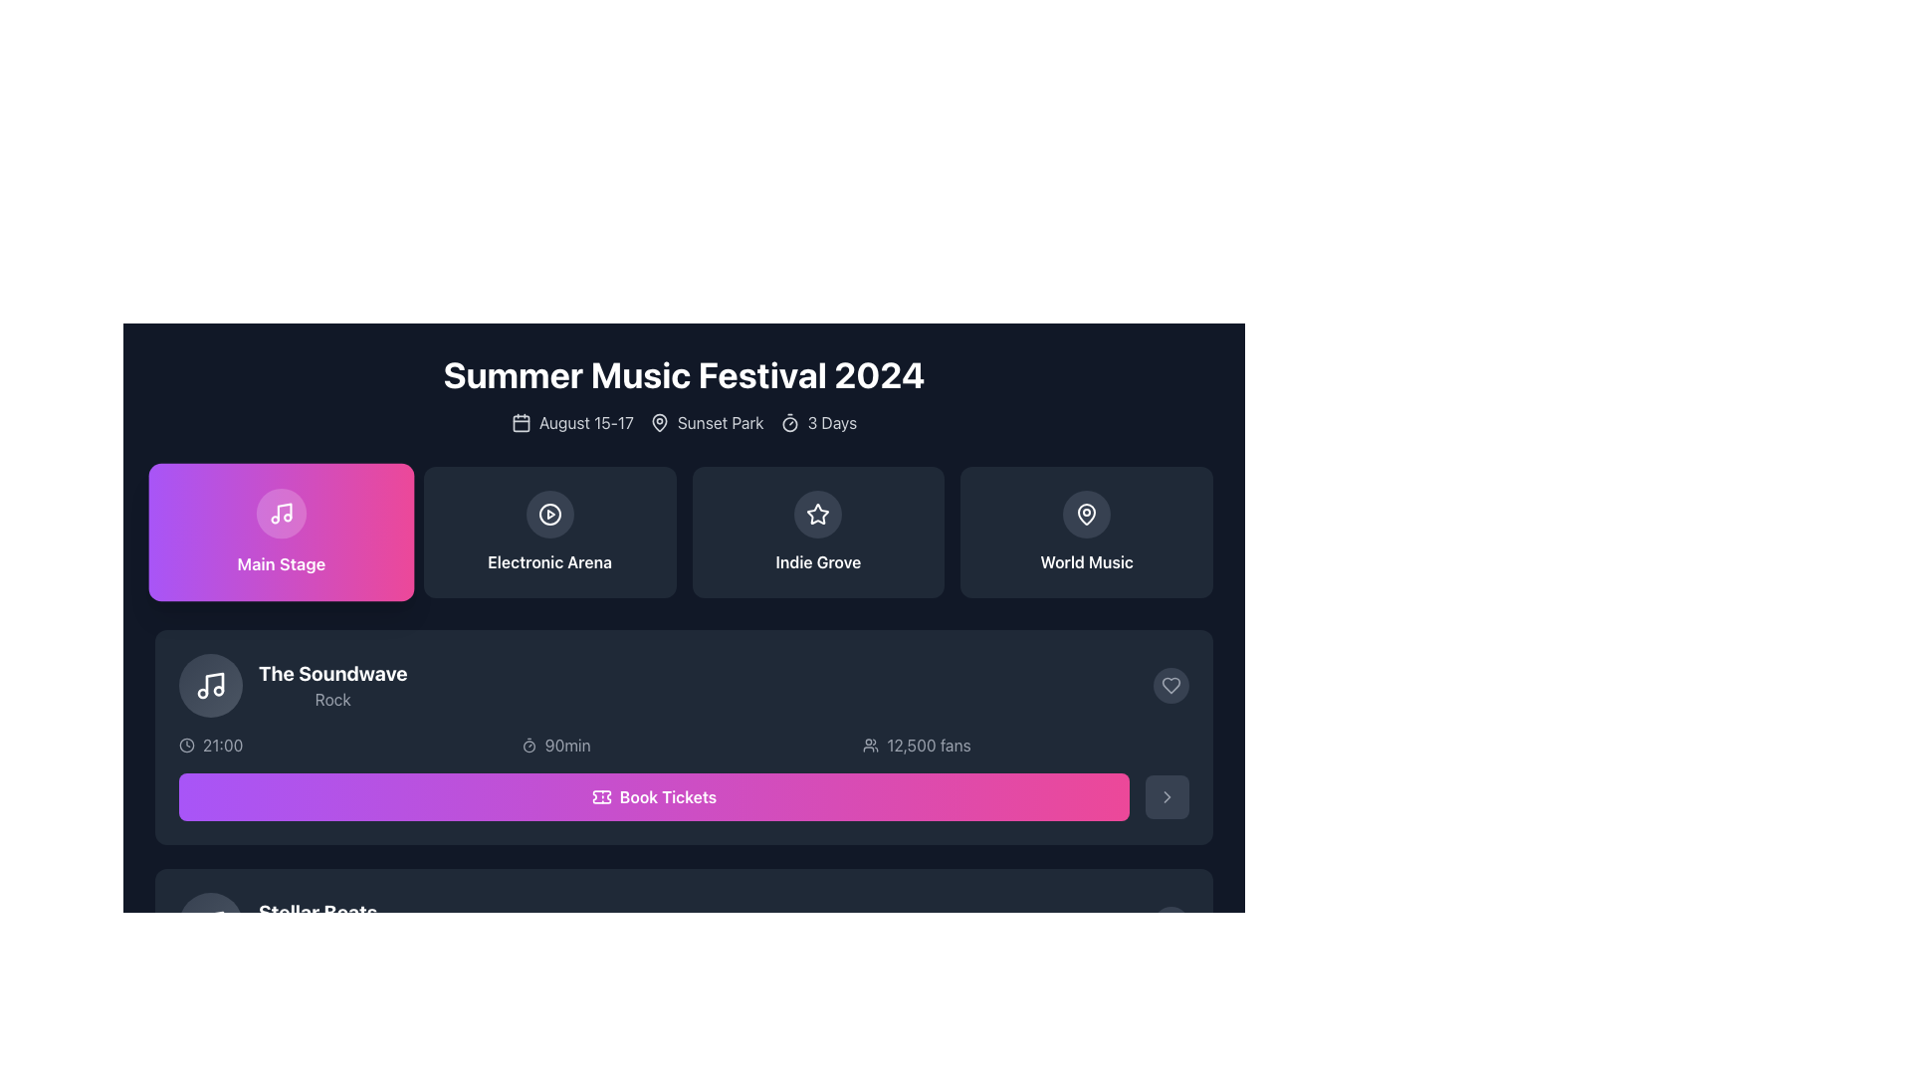 The image size is (1911, 1075). What do you see at coordinates (521, 422) in the screenshot?
I see `the vector graphic element that represents a part of the calendar icon` at bounding box center [521, 422].